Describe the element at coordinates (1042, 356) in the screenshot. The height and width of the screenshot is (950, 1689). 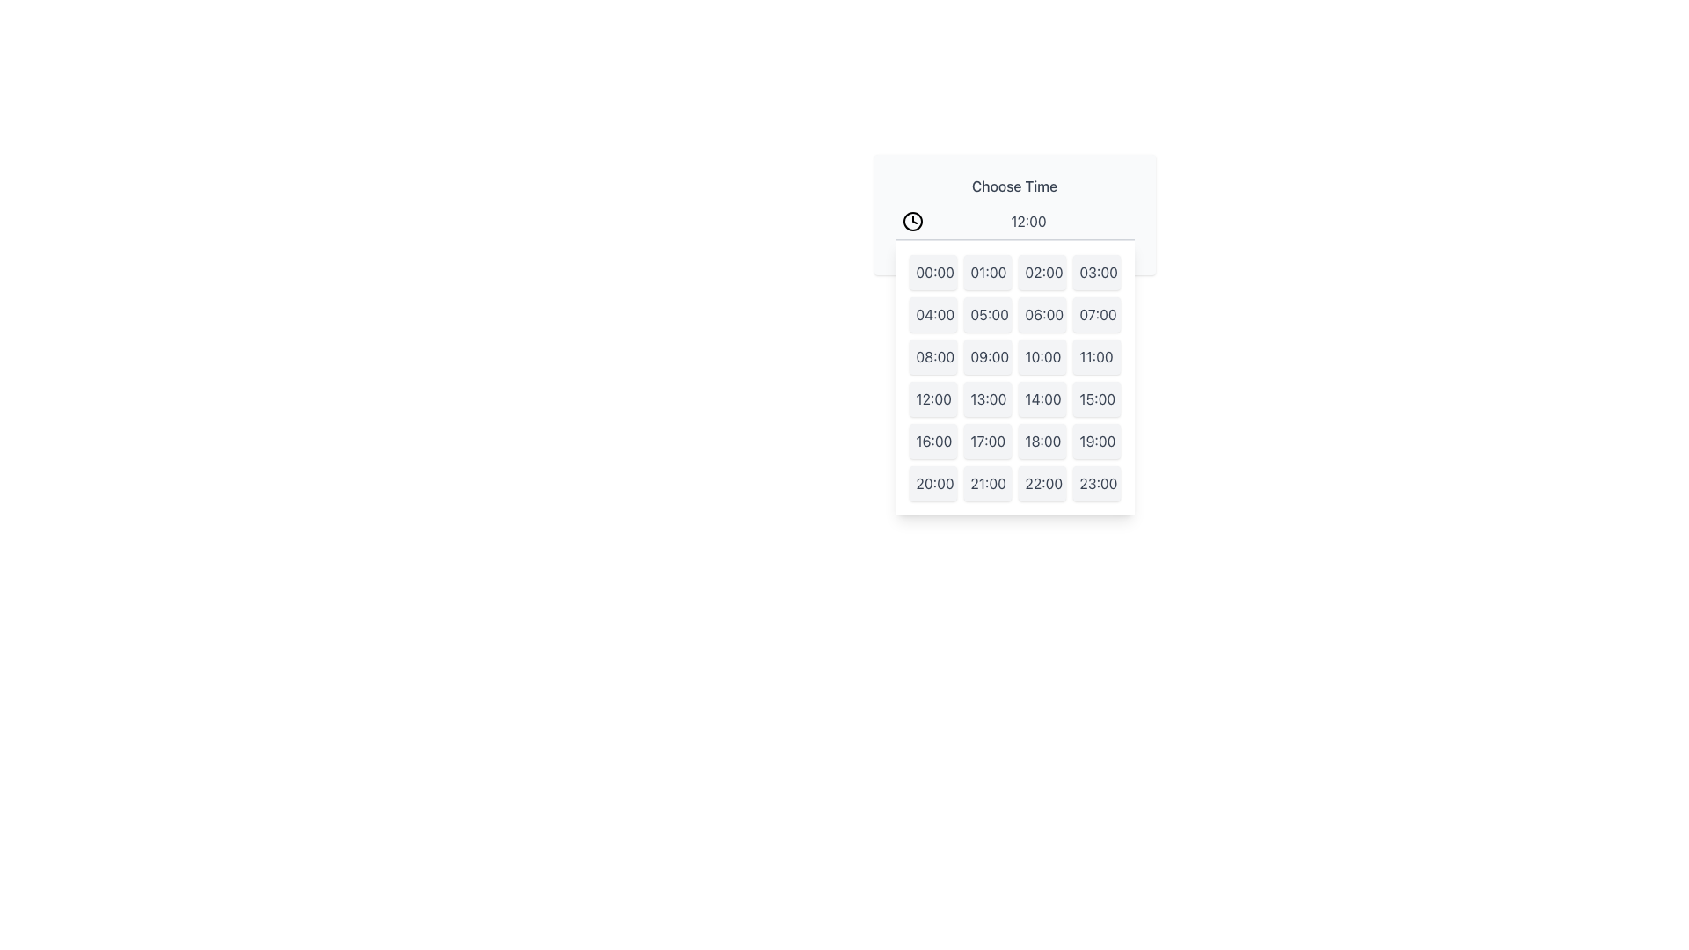
I see `the '10:00' button in the time picker dropdown` at that location.